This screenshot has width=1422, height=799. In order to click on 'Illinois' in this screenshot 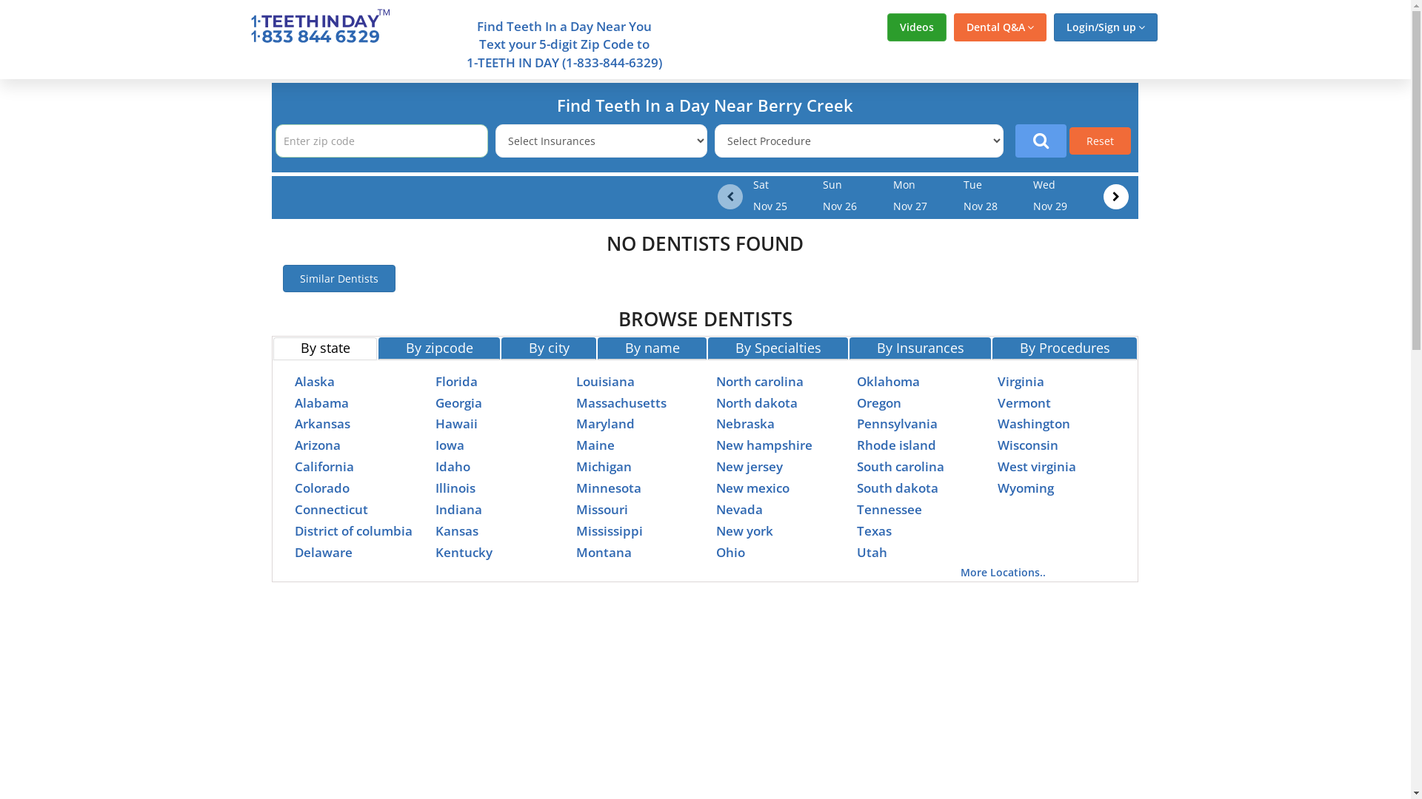, I will do `click(454, 488)`.